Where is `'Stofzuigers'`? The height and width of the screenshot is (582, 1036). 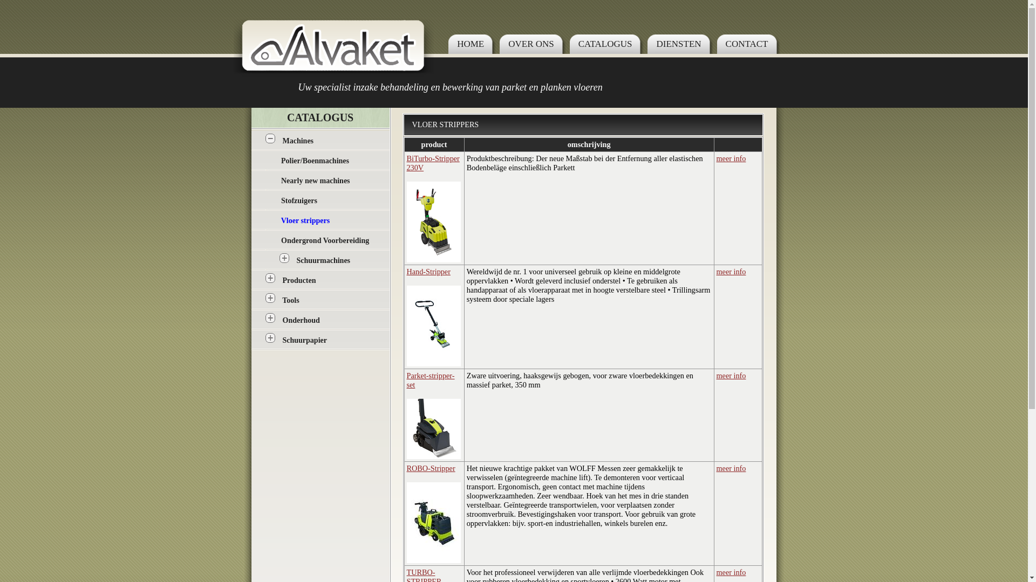 'Stofzuigers' is located at coordinates (299, 200).